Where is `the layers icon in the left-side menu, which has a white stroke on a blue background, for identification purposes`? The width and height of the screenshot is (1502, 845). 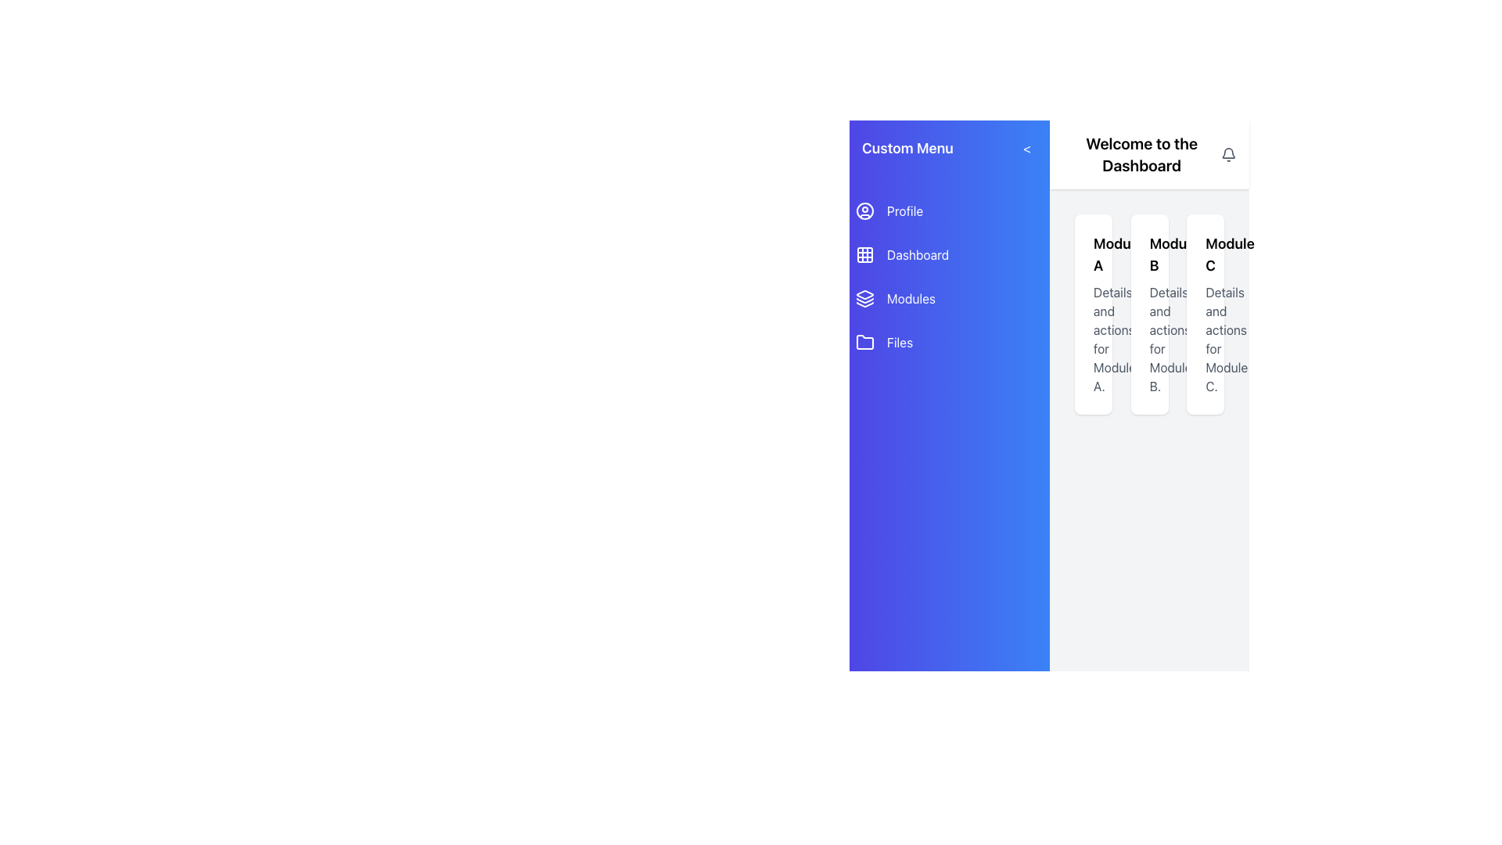 the layers icon in the left-side menu, which has a white stroke on a blue background, for identification purposes is located at coordinates (864, 298).